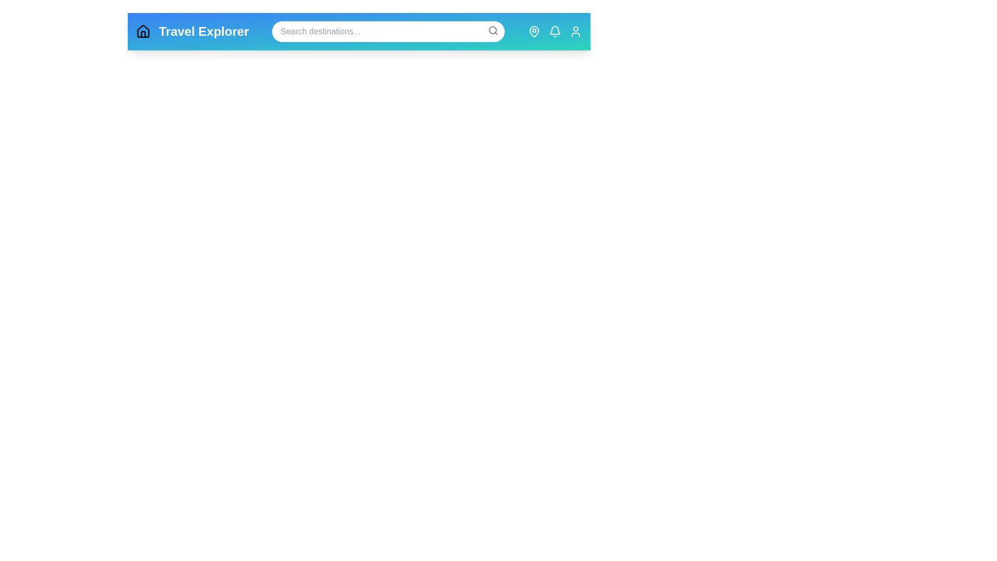 This screenshot has height=561, width=997. Describe the element at coordinates (534, 31) in the screenshot. I see `the My Destinations navigation icon` at that location.